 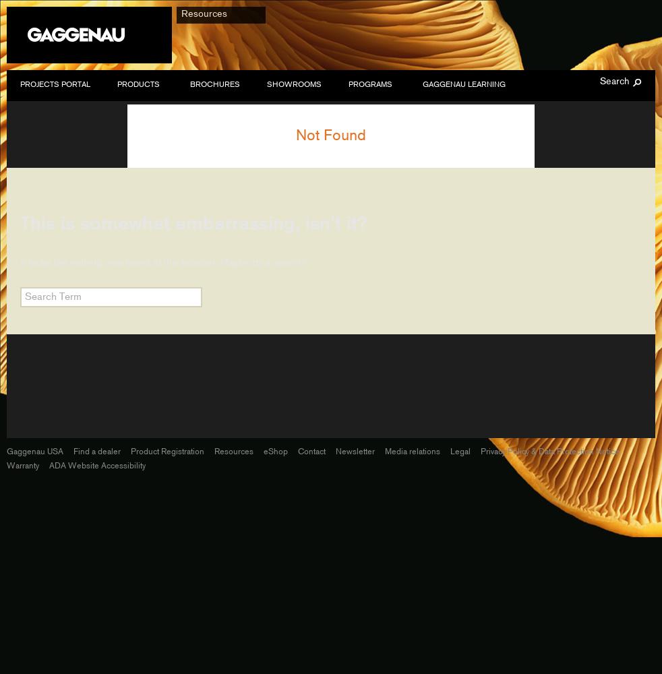 I want to click on 'It looks like nothing was found at this location. Maybe try a search?', so click(x=19, y=262).